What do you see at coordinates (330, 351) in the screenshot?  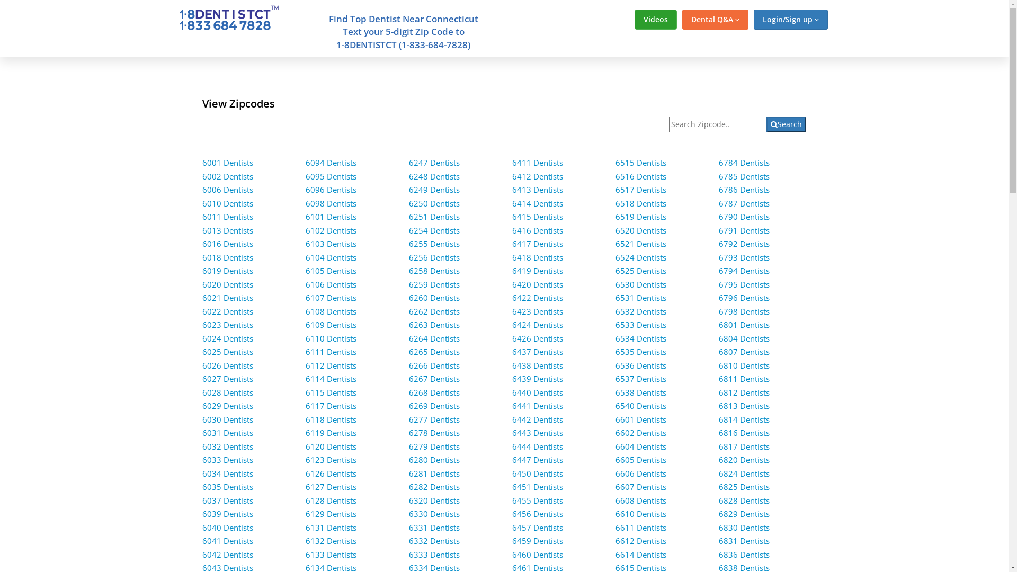 I see `'6111 Dentists'` at bounding box center [330, 351].